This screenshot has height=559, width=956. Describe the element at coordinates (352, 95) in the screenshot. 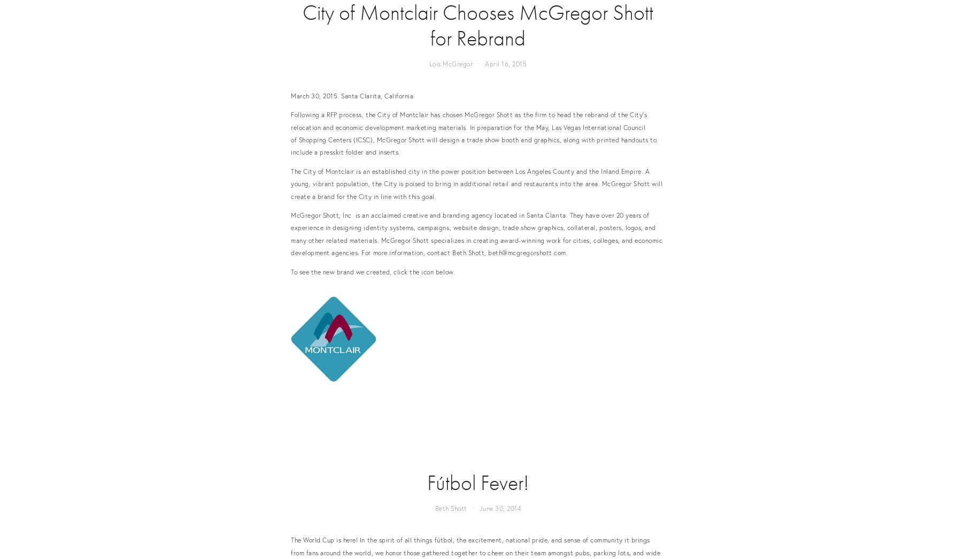

I see `'March 30, 2015. Santa Clarita, California.'` at that location.